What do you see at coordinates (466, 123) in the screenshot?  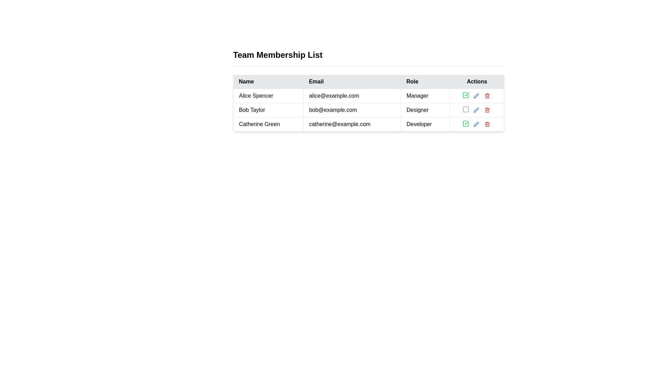 I see `the icon button located in the last row of the table under the 'Actions' column` at bounding box center [466, 123].